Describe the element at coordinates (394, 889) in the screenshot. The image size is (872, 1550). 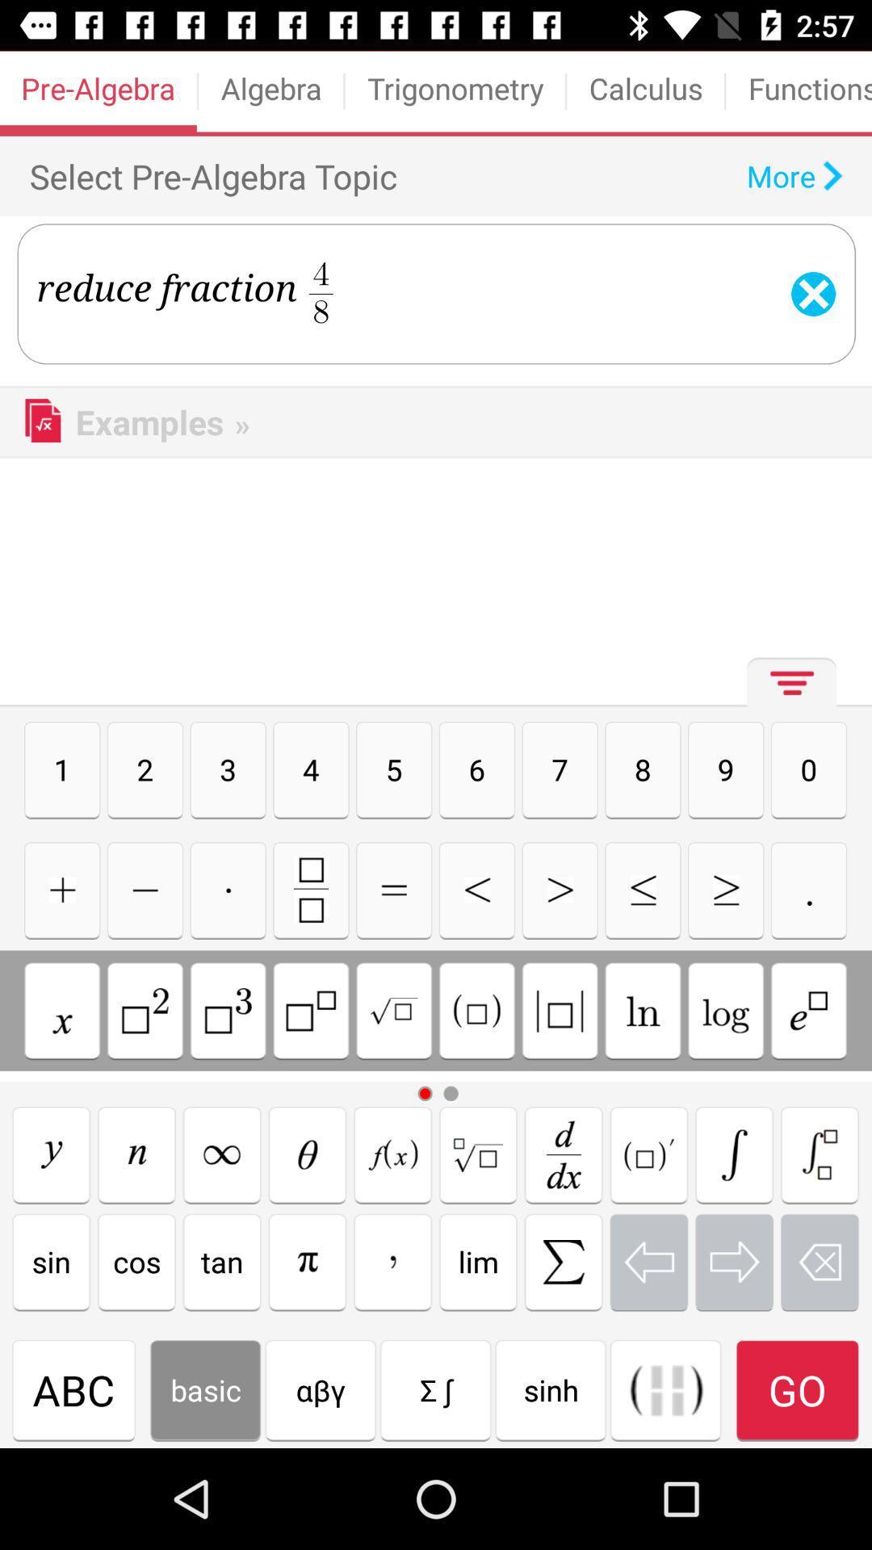
I see `equal option` at that location.